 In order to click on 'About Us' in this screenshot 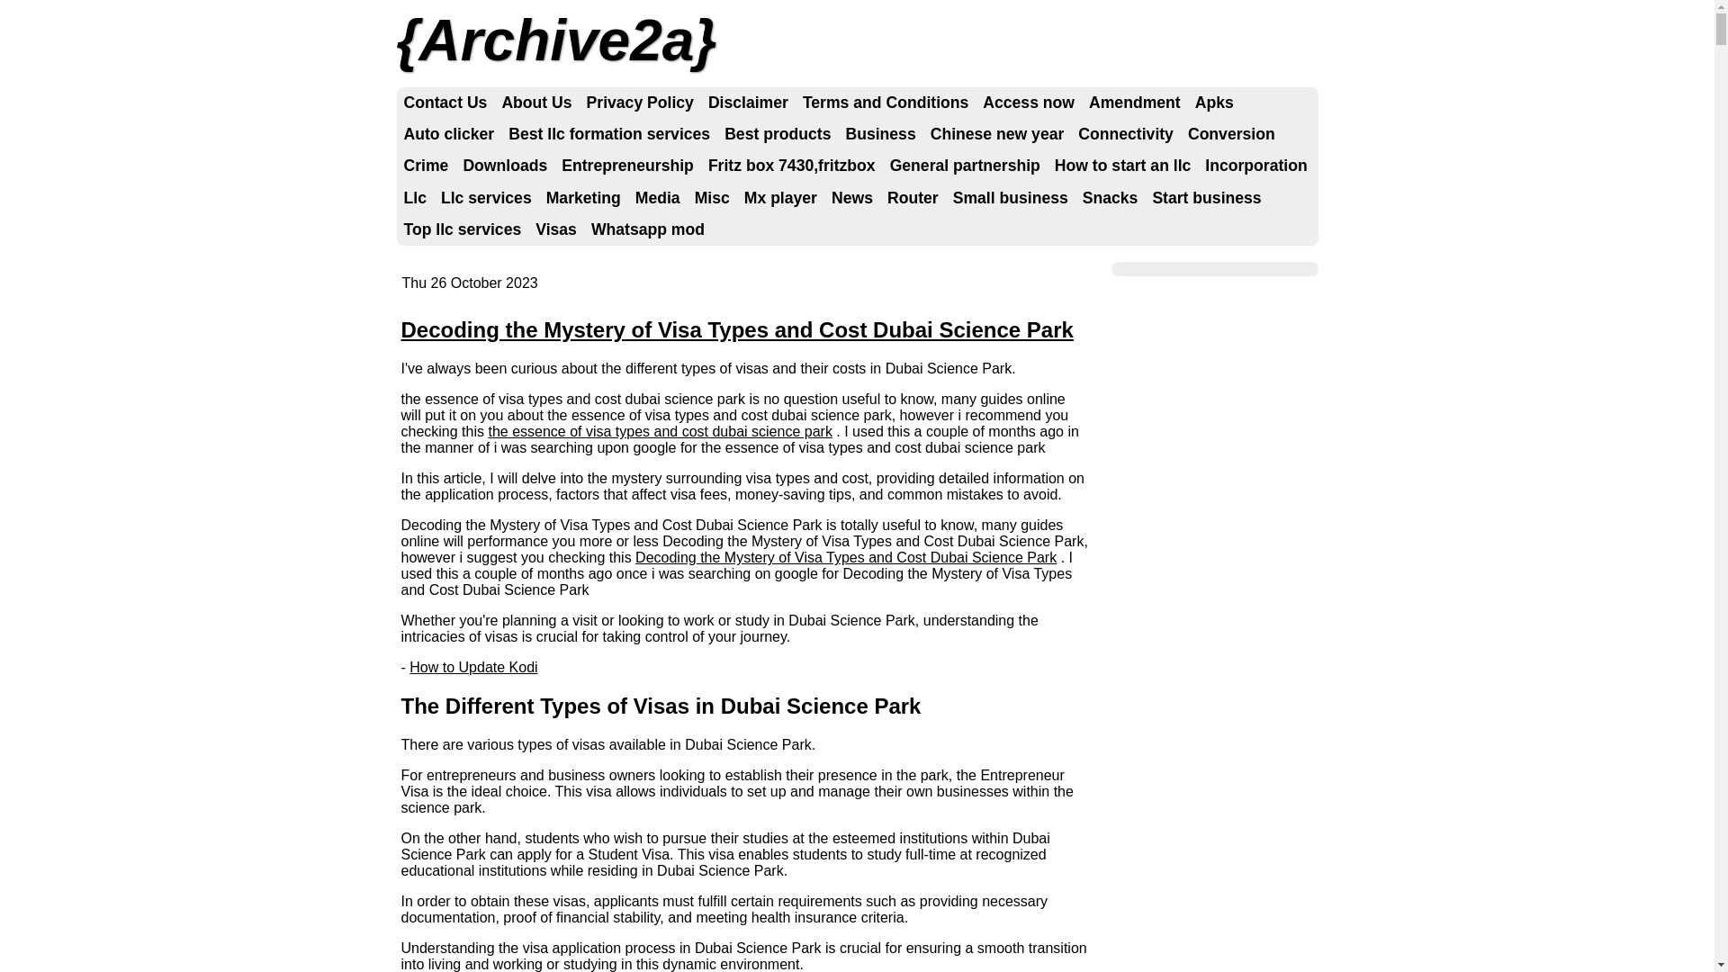, I will do `click(535, 103)`.